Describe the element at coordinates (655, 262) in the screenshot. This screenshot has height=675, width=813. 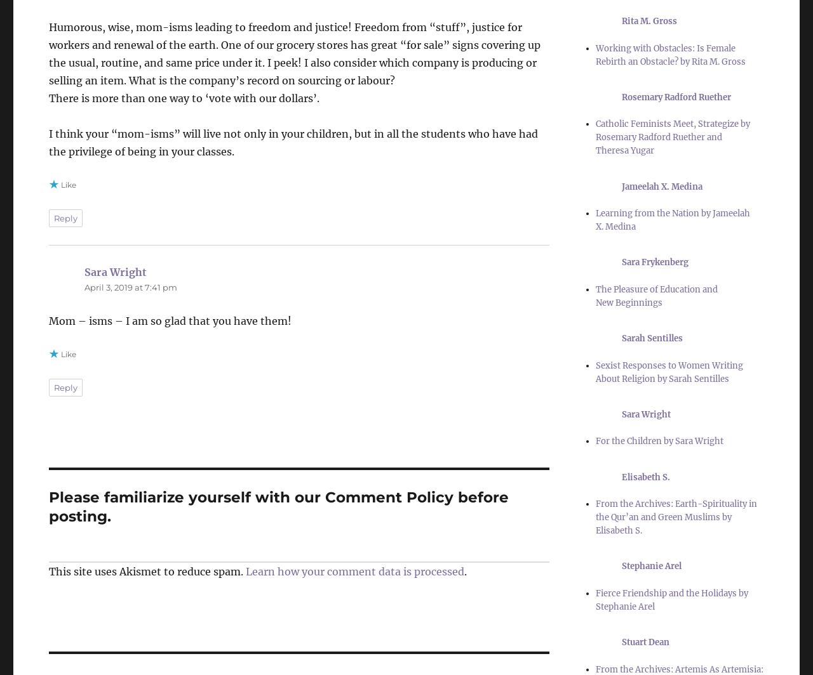
I see `'Sara Frykenberg'` at that location.